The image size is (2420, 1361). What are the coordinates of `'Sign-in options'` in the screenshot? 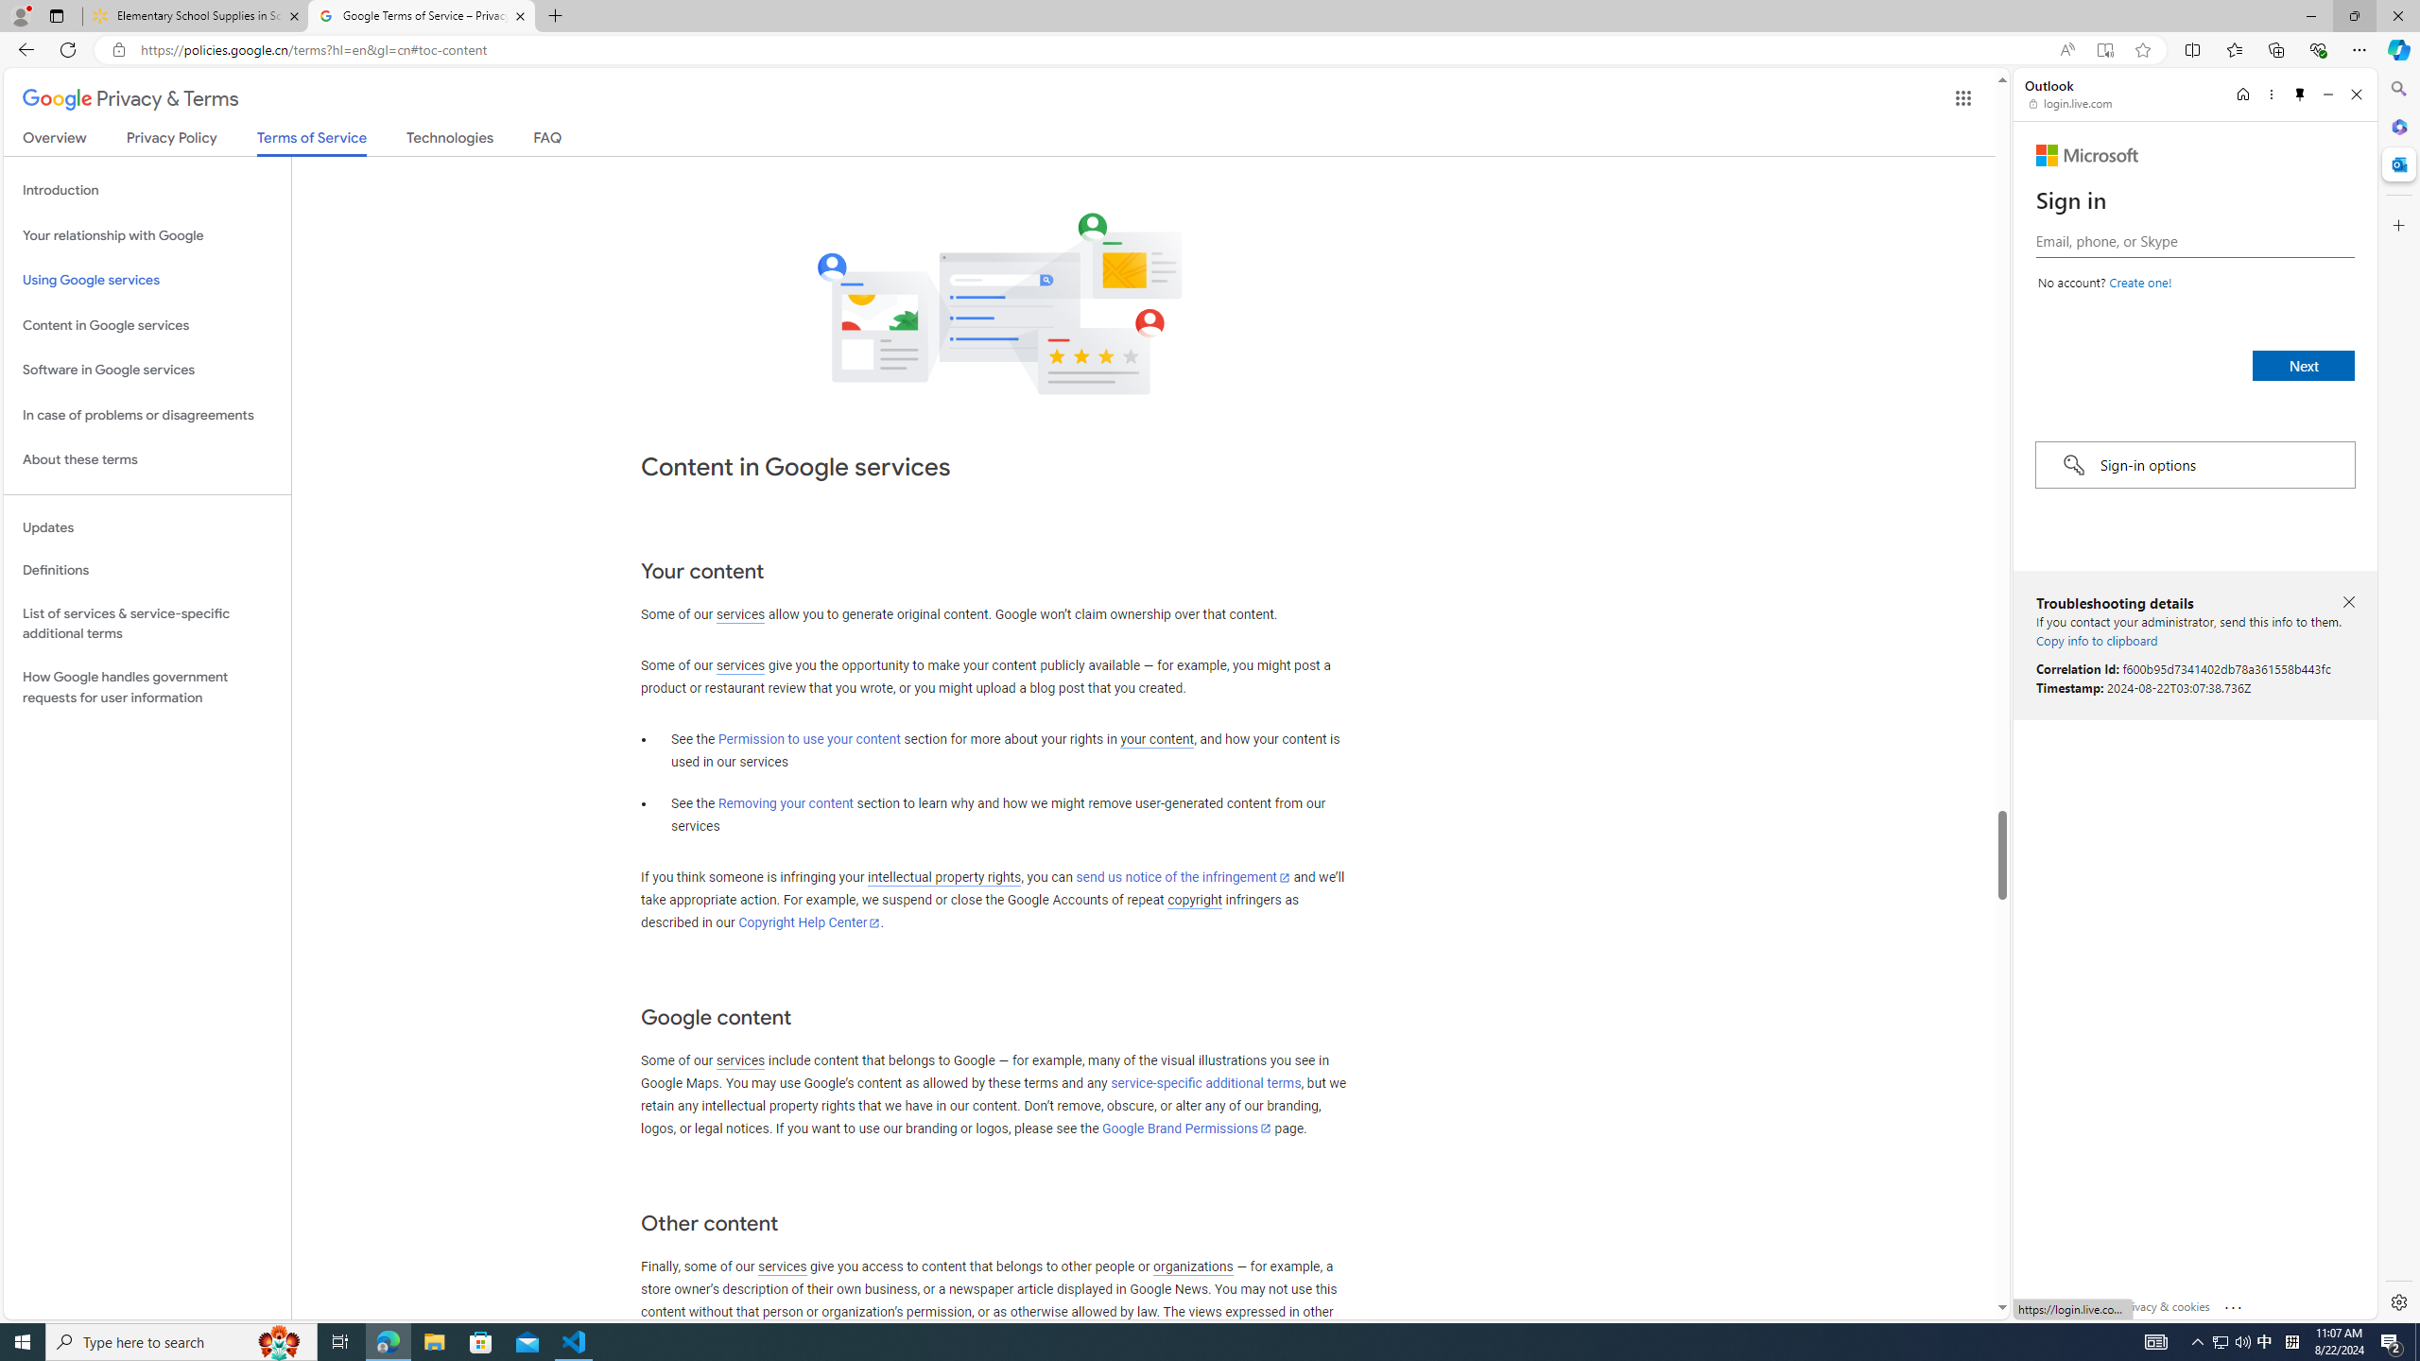 It's located at (2193, 463).